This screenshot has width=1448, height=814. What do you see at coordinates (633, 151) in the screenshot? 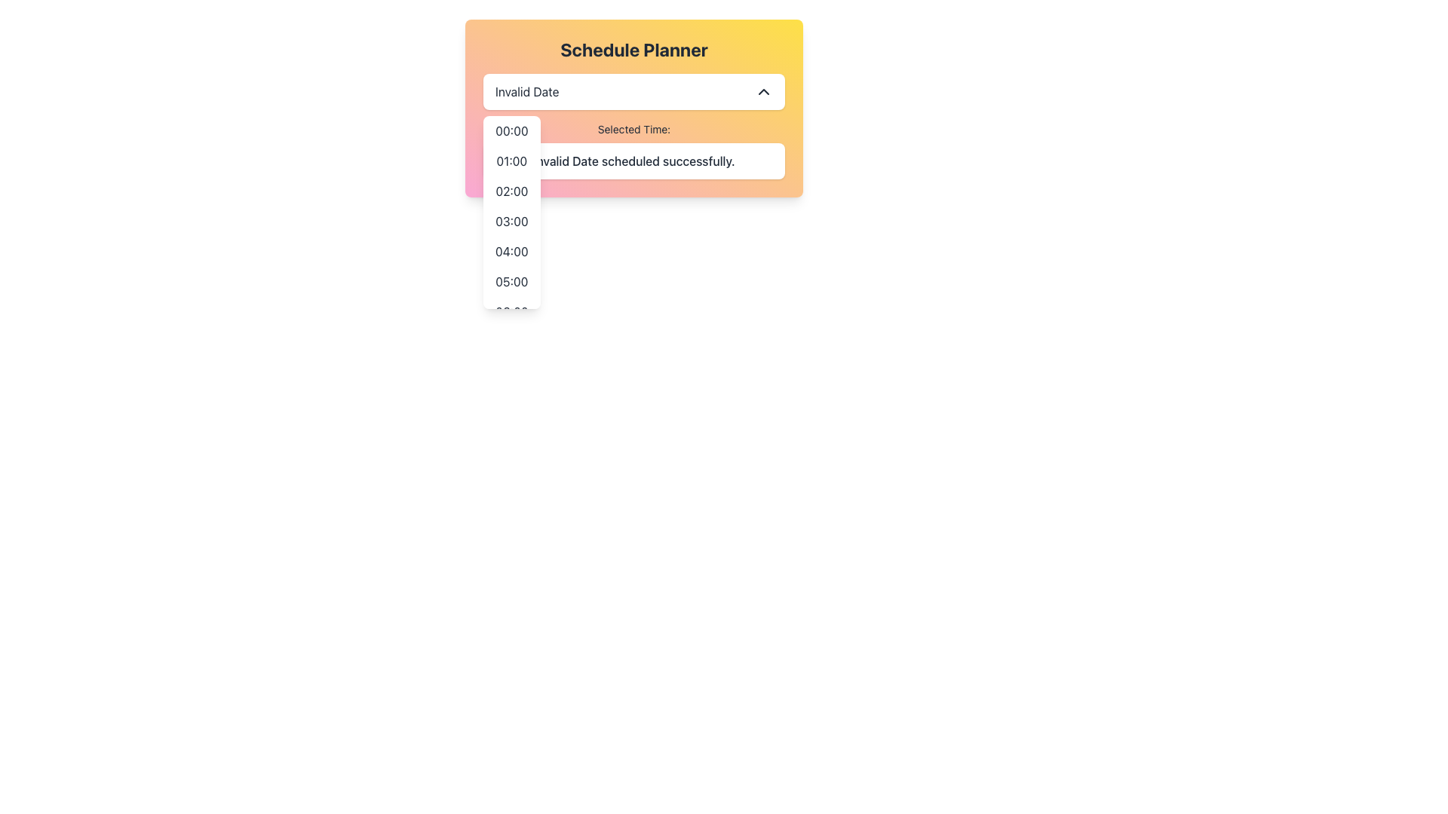
I see `the text display box that shows the header 'Selected Time:' and the status message 'Invalid Date scheduled successfully.' in the 'Schedule Planner' section` at bounding box center [633, 151].